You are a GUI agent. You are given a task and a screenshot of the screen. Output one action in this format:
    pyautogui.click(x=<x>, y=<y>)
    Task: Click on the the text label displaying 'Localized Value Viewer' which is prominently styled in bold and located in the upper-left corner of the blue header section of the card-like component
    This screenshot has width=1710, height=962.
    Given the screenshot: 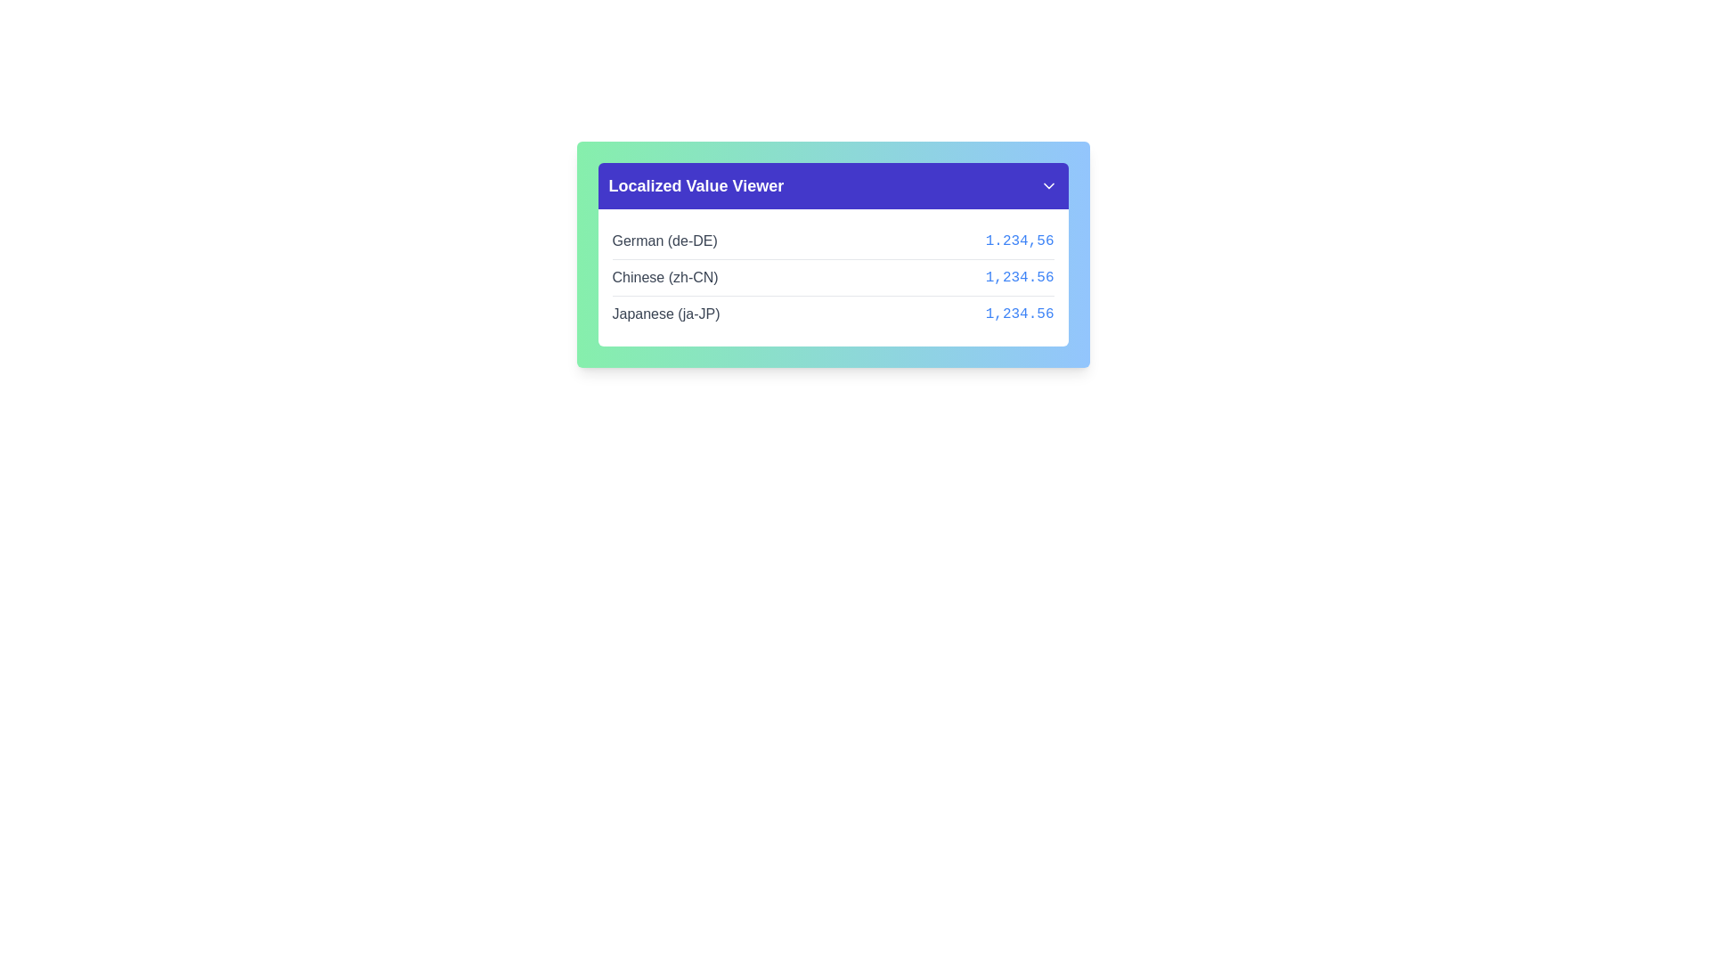 What is the action you would take?
    pyautogui.click(x=695, y=185)
    